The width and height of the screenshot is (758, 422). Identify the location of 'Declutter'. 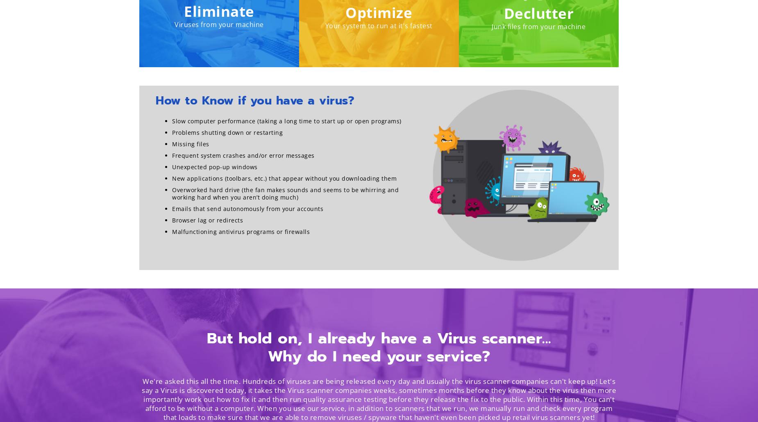
(538, 13).